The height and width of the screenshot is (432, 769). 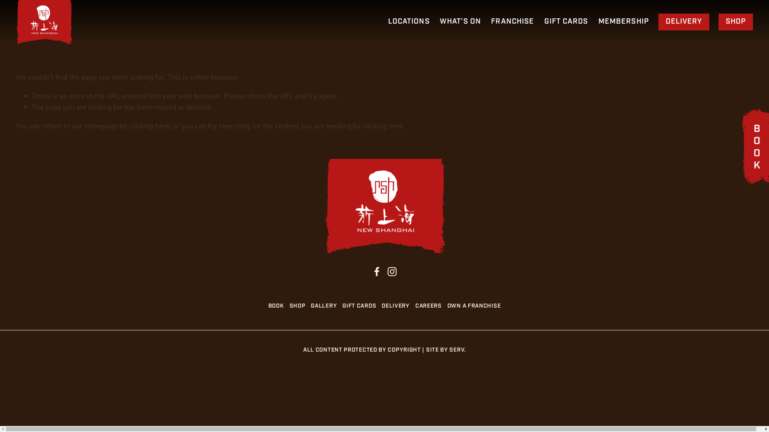 I want to click on 'BOOK', so click(x=268, y=306).